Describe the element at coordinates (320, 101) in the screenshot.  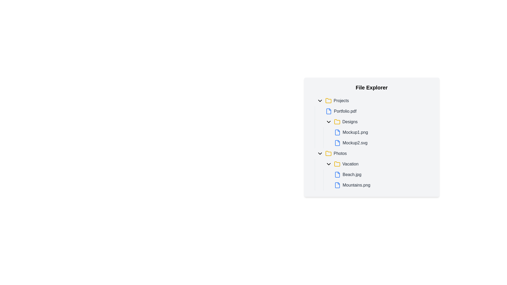
I see `the expand/collapse icon located to the left of the 'Projects' text label, which indicates the toggle state of a tree structure` at that location.